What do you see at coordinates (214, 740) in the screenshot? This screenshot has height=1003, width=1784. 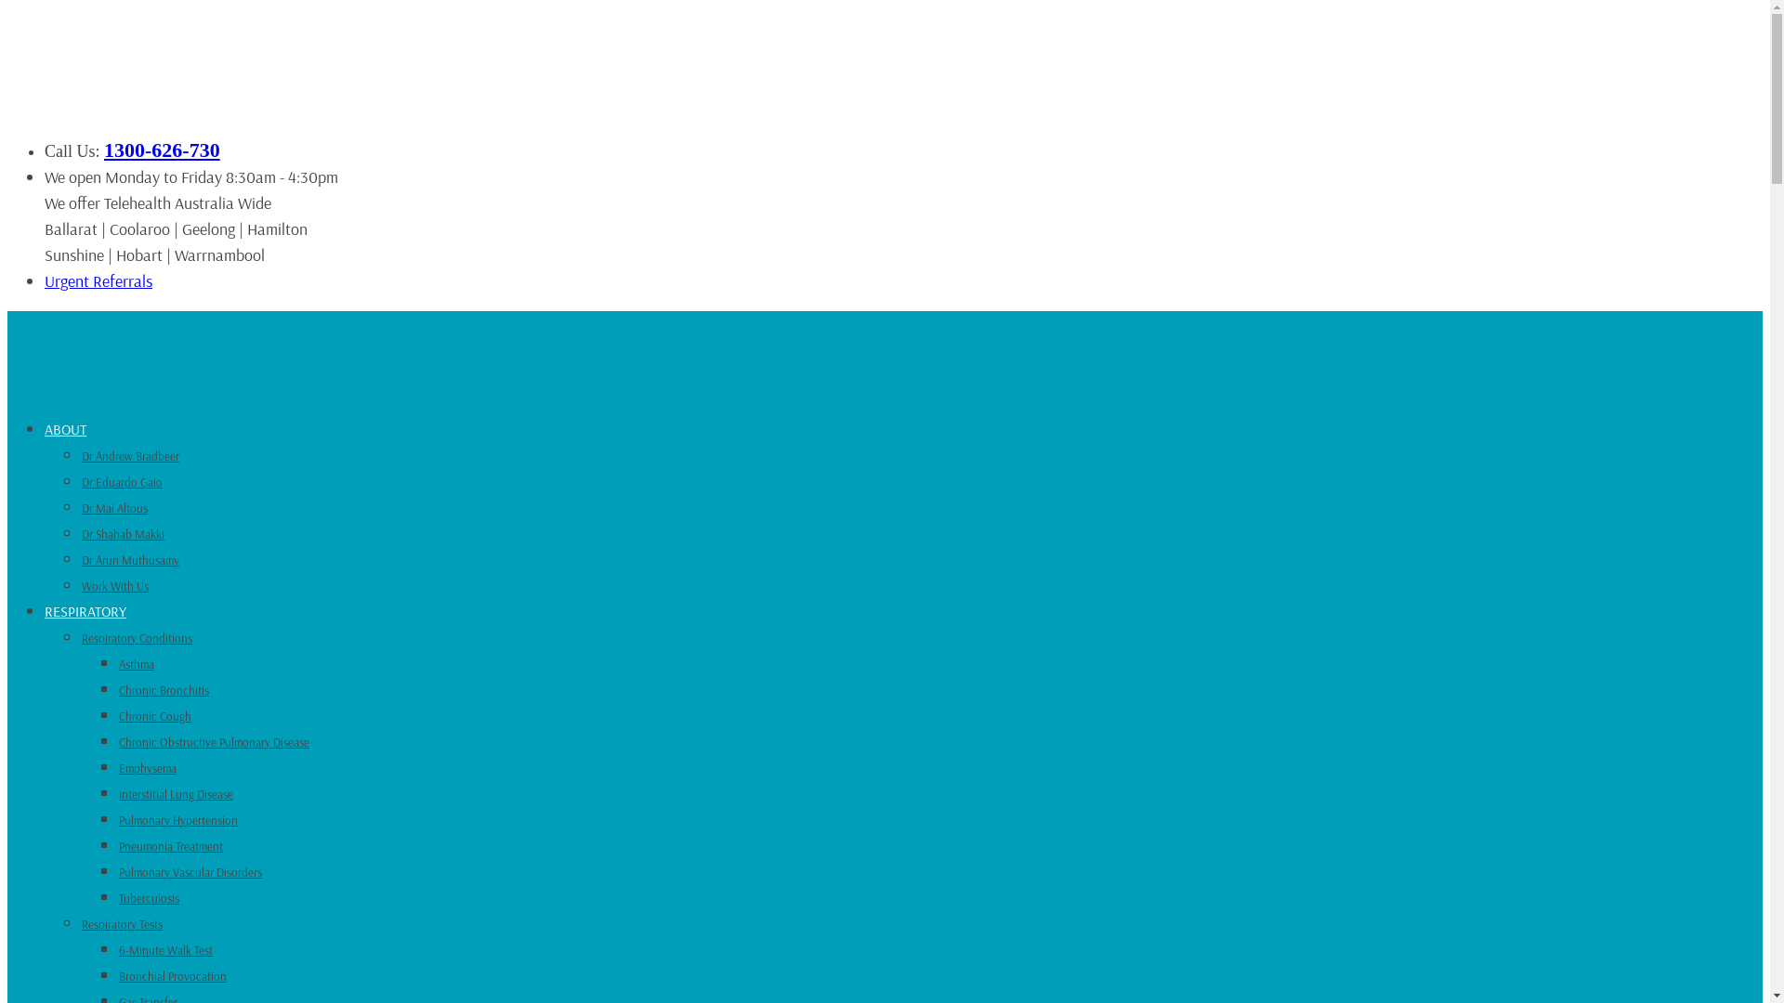 I see `'Chronic Obstructive Pulmonary Disease'` at bounding box center [214, 740].